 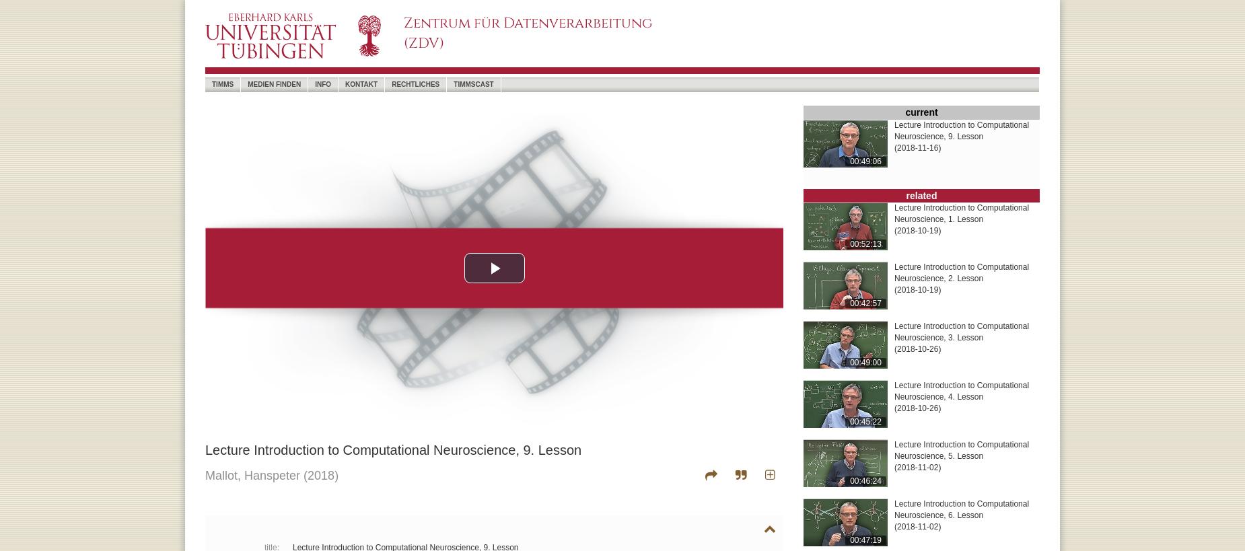 I want to click on 'Lecture Introduction to Computational Neuroscience, 6. Lesson', so click(x=961, y=509).